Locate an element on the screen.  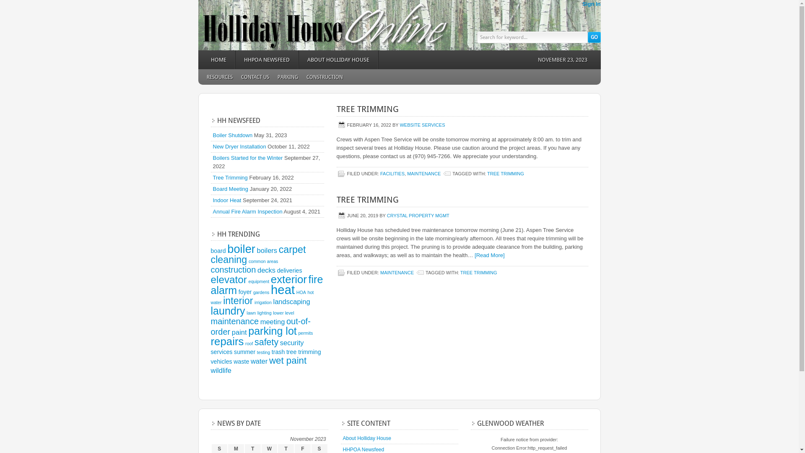
'services' is located at coordinates (221, 352).